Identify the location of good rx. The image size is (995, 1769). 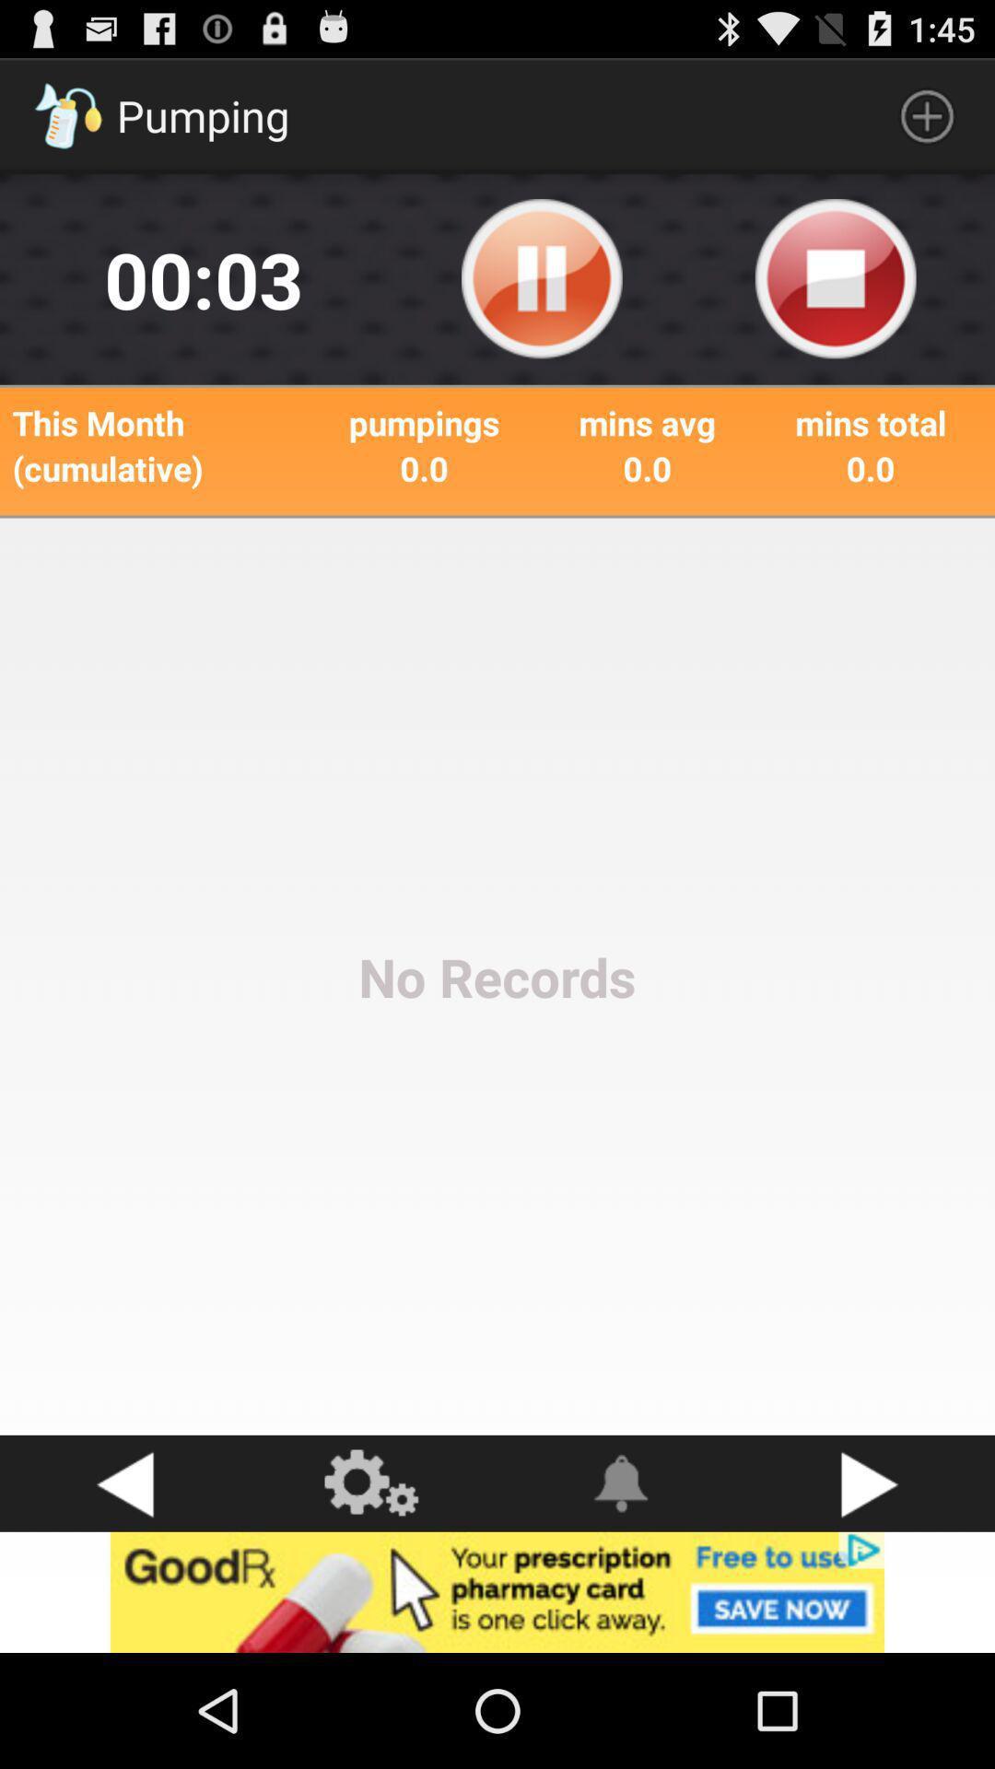
(497, 1591).